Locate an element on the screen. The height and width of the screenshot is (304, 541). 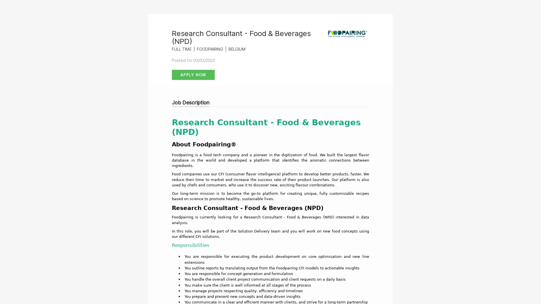
Apply Now is located at coordinates (193, 75).